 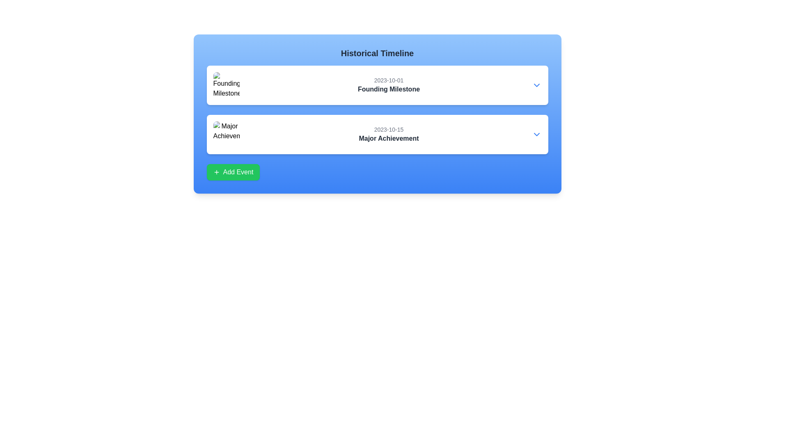 I want to click on the downward-pointing blue arrow icon located to the right of the 'Major Achievement' text, so click(x=536, y=134).